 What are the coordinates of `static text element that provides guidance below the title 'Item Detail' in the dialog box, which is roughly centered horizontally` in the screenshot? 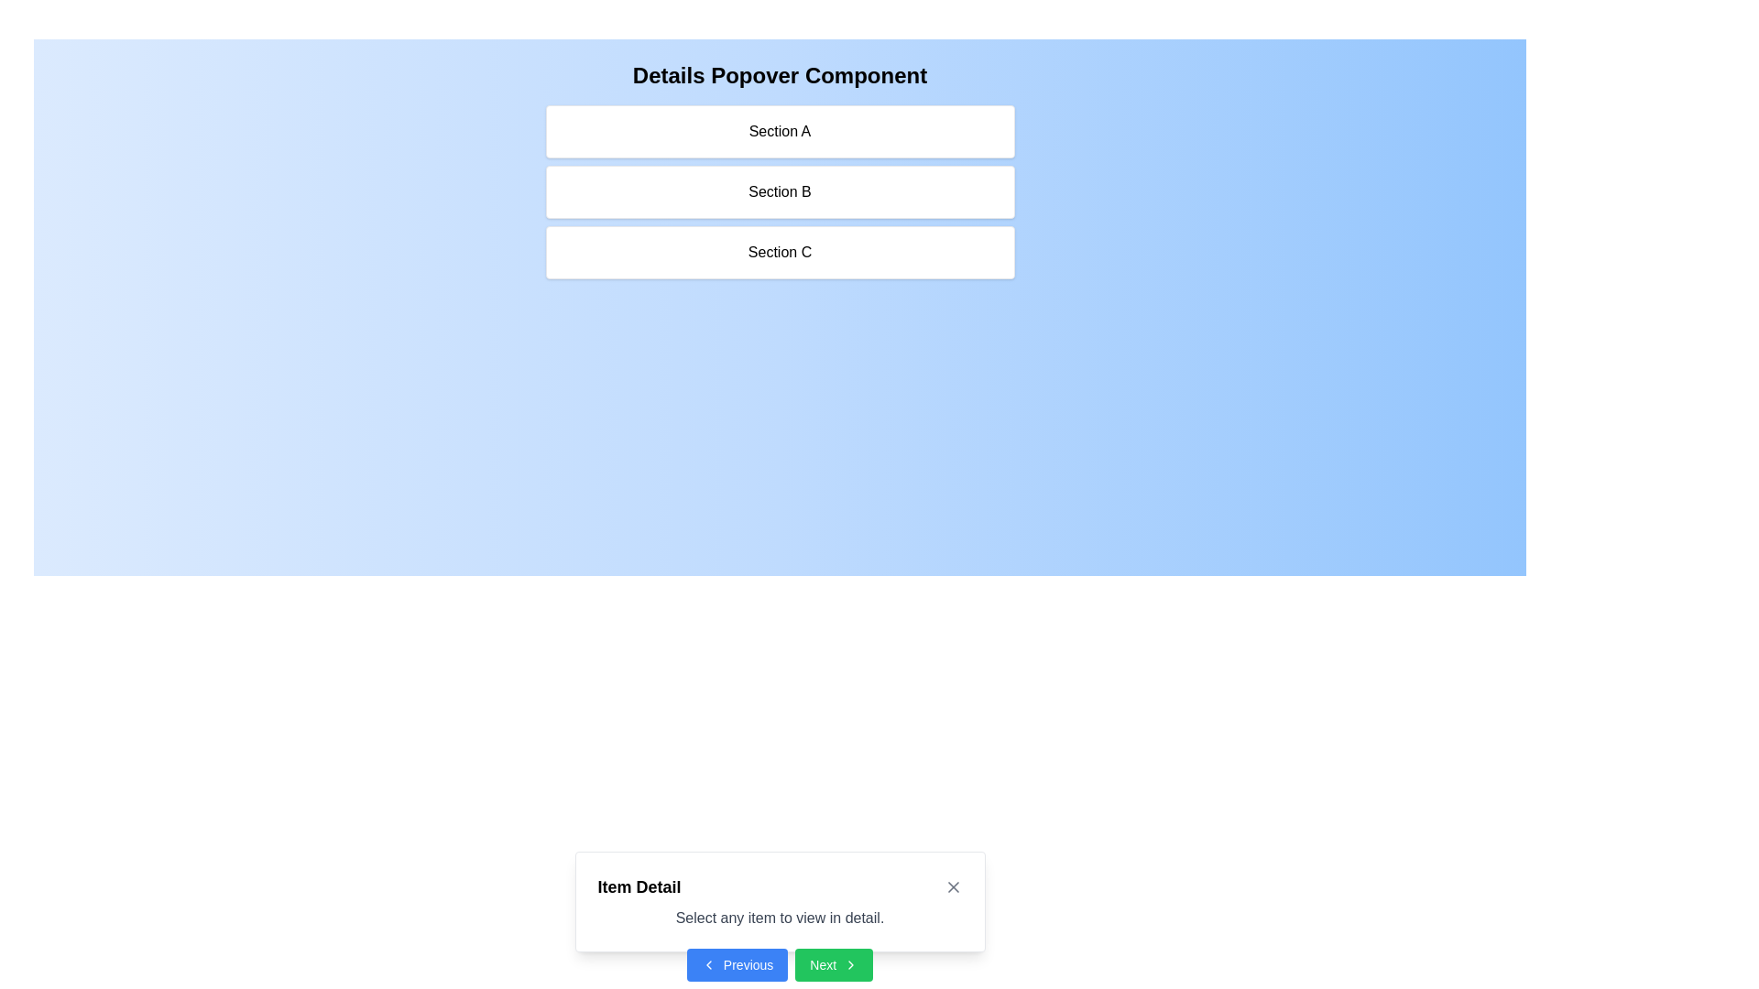 It's located at (780, 918).